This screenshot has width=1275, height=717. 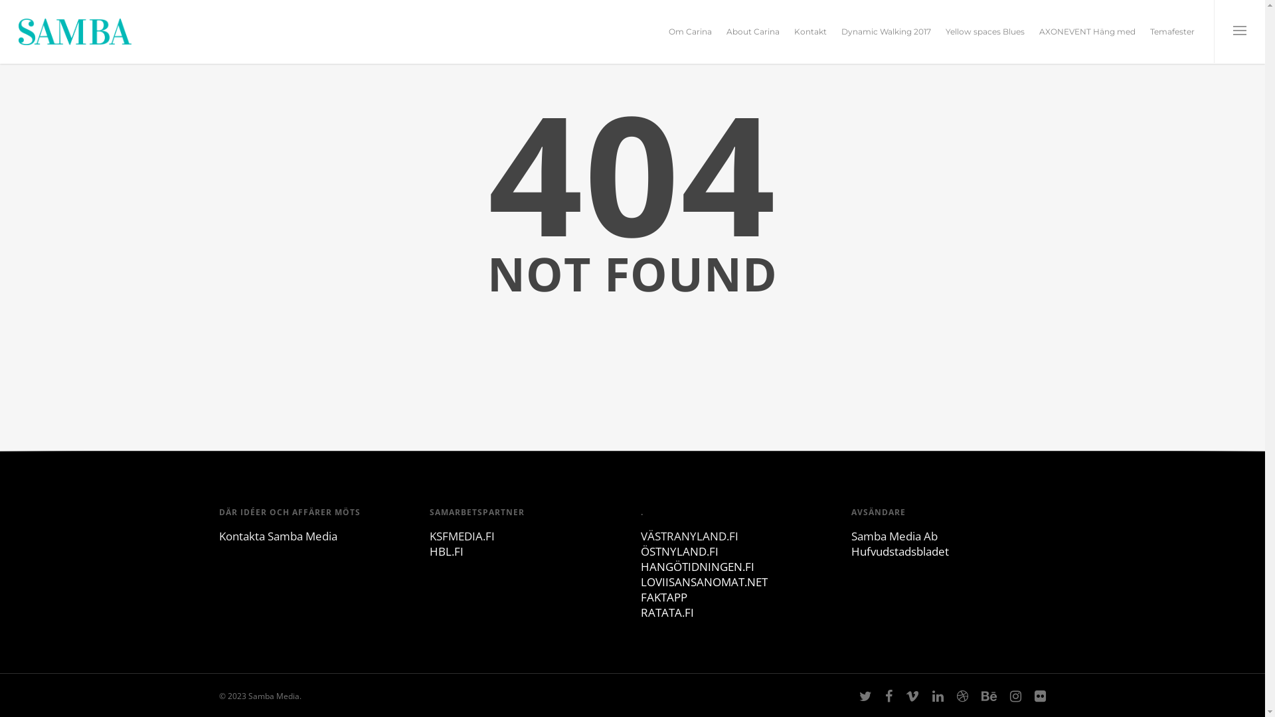 What do you see at coordinates (462, 535) in the screenshot?
I see `'KSFMEDIA.FI'` at bounding box center [462, 535].